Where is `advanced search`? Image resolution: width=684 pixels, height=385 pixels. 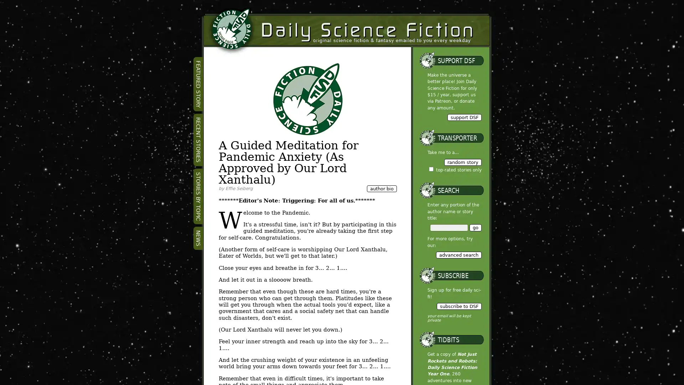
advanced search is located at coordinates (458, 254).